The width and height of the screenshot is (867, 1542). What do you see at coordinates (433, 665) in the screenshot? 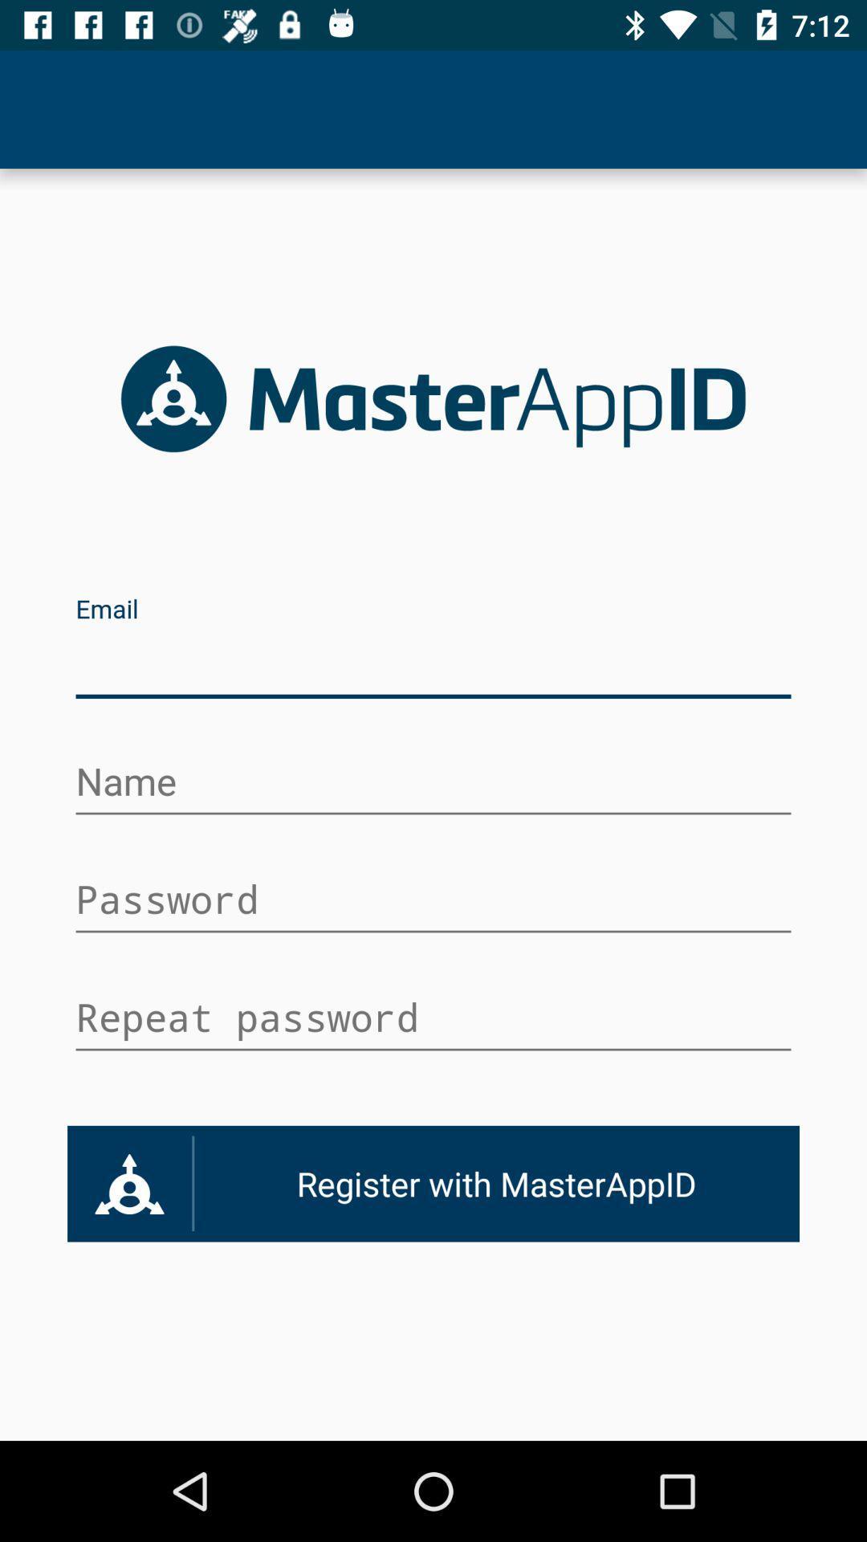
I see `email` at bounding box center [433, 665].